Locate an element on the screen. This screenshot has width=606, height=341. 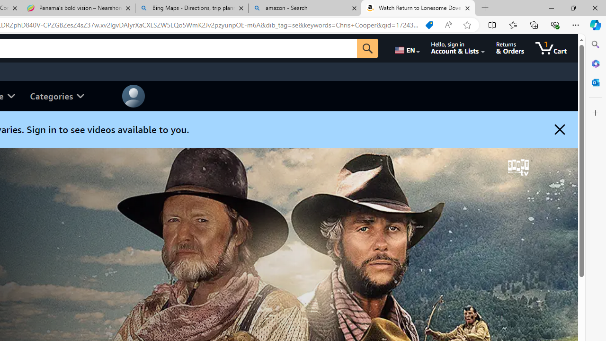
'Categories' is located at coordinates (56, 96).